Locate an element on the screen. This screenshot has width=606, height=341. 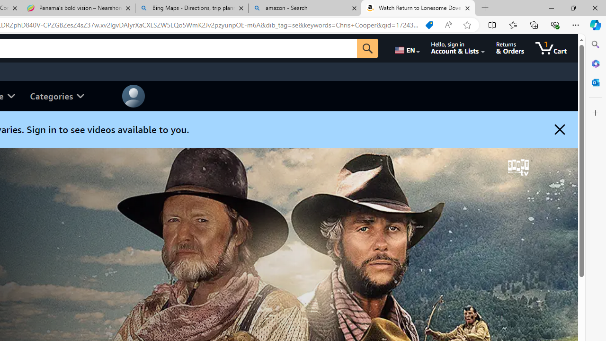
'Categories' is located at coordinates (56, 96).